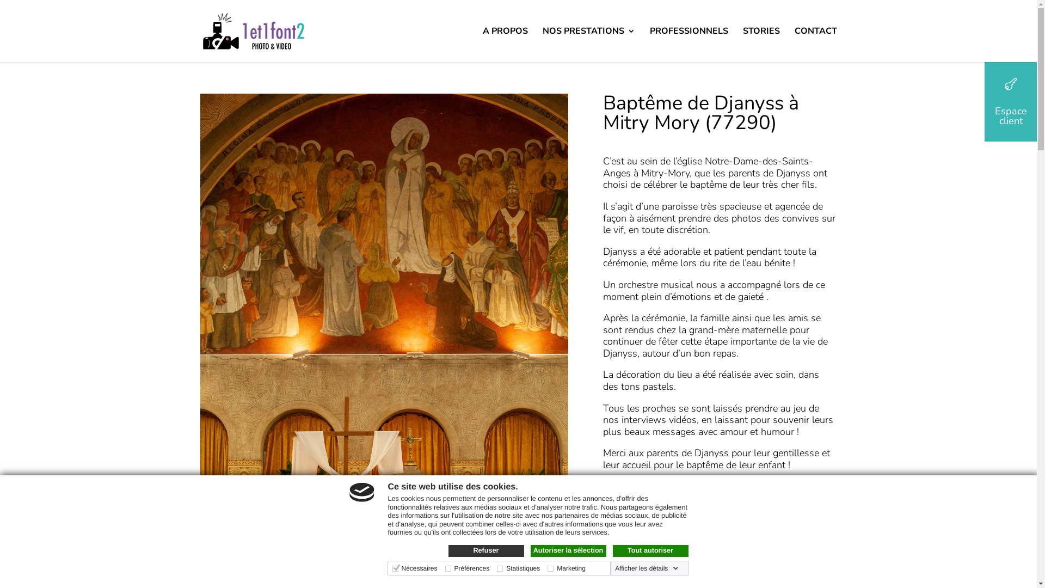 This screenshot has width=1045, height=588. Describe the element at coordinates (482, 44) in the screenshot. I see `'A PROPOS'` at that location.